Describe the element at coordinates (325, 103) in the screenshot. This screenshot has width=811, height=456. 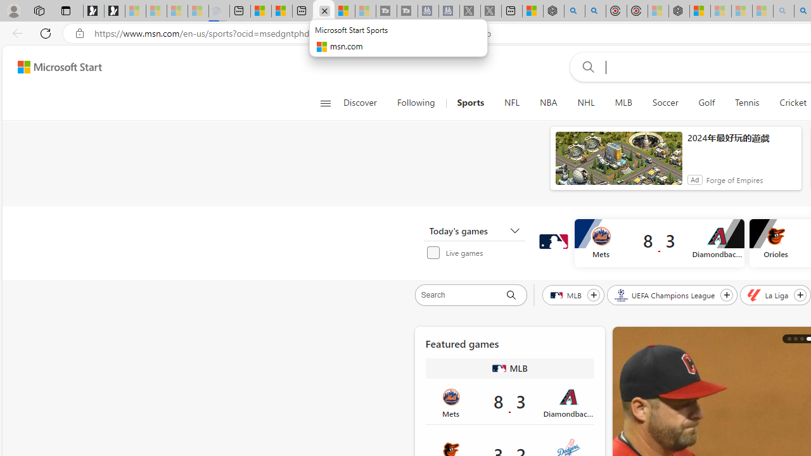
I see `'Open navigation menu'` at that location.